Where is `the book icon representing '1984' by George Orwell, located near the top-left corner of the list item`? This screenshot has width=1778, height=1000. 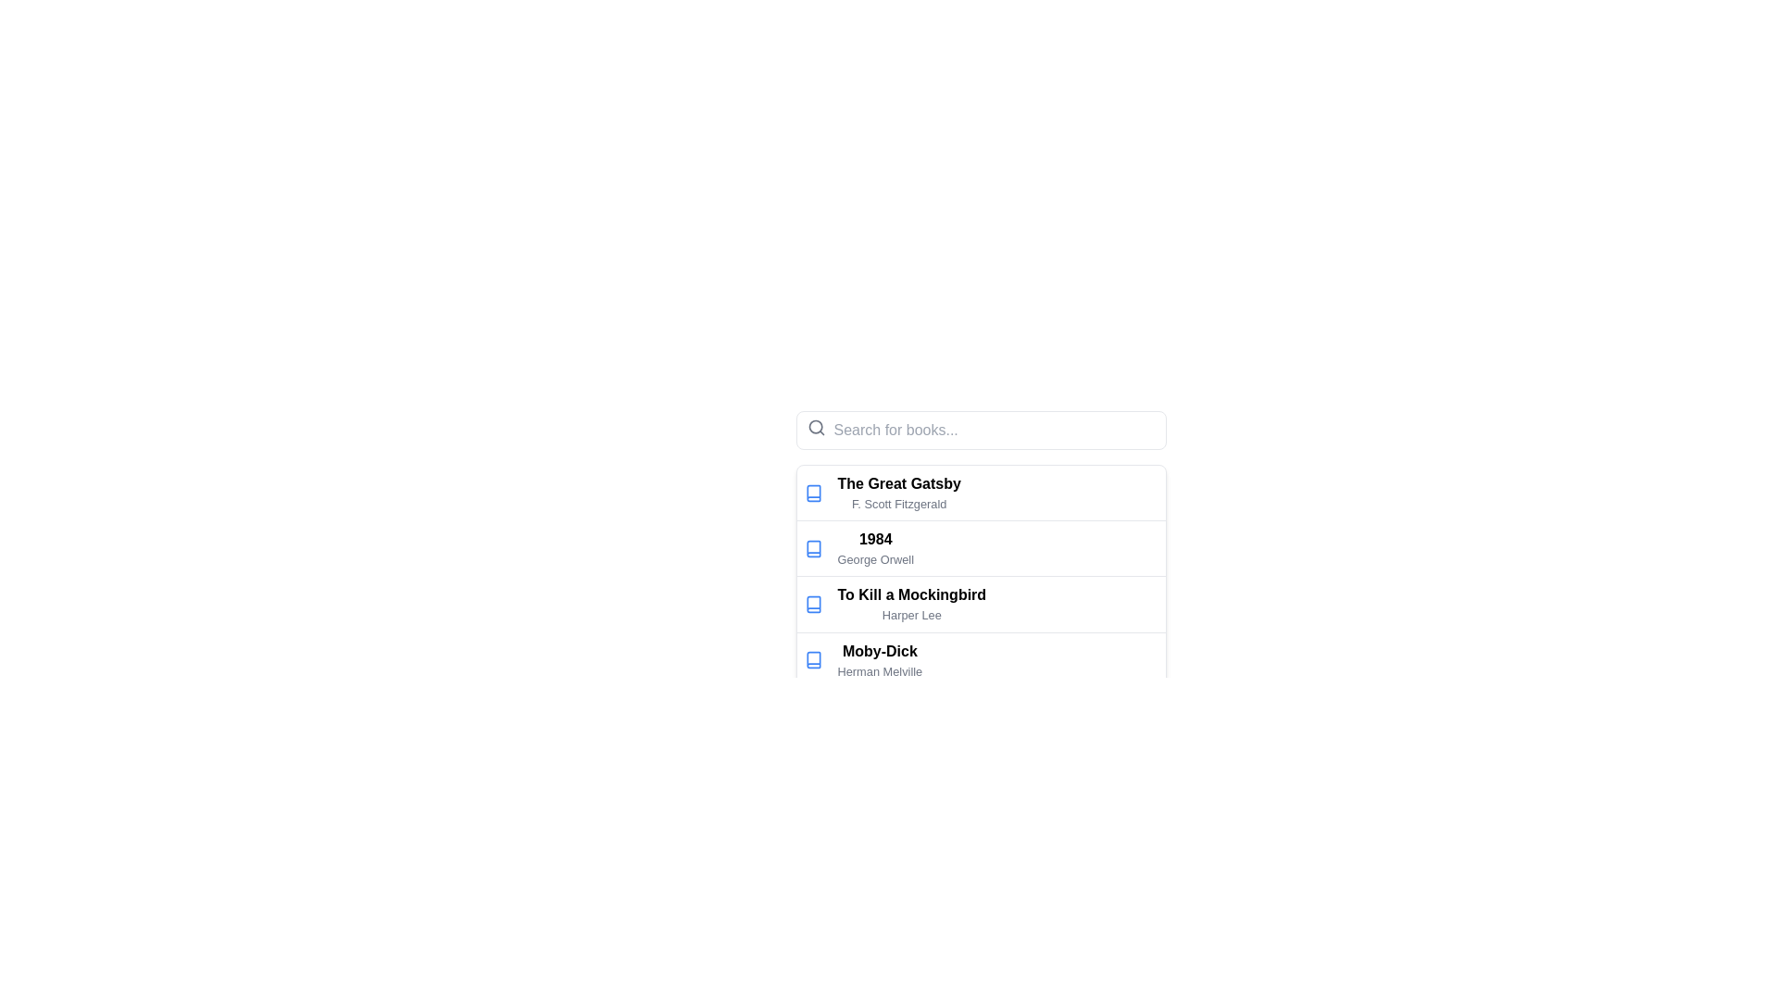 the book icon representing '1984' by George Orwell, located near the top-left corner of the list item is located at coordinates (813, 547).